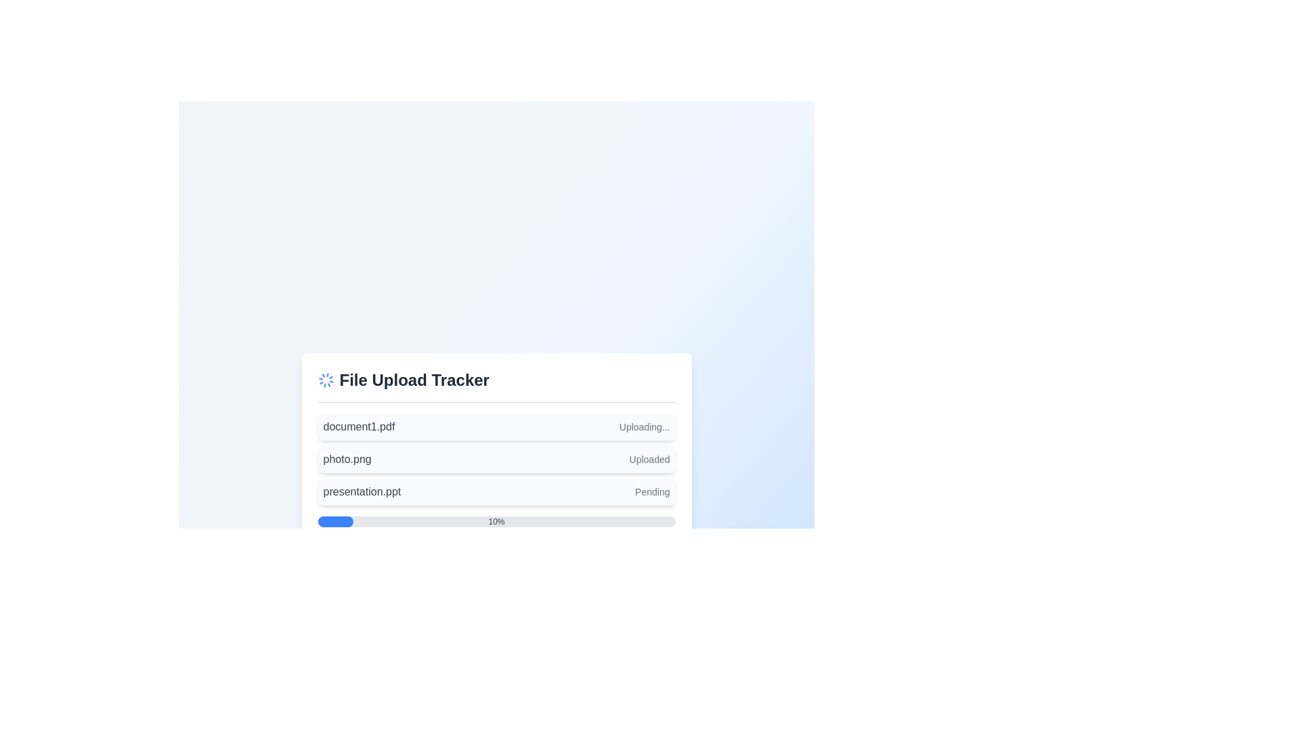 The height and width of the screenshot is (731, 1300). Describe the element at coordinates (496, 458) in the screenshot. I see `the second file entry` at that location.